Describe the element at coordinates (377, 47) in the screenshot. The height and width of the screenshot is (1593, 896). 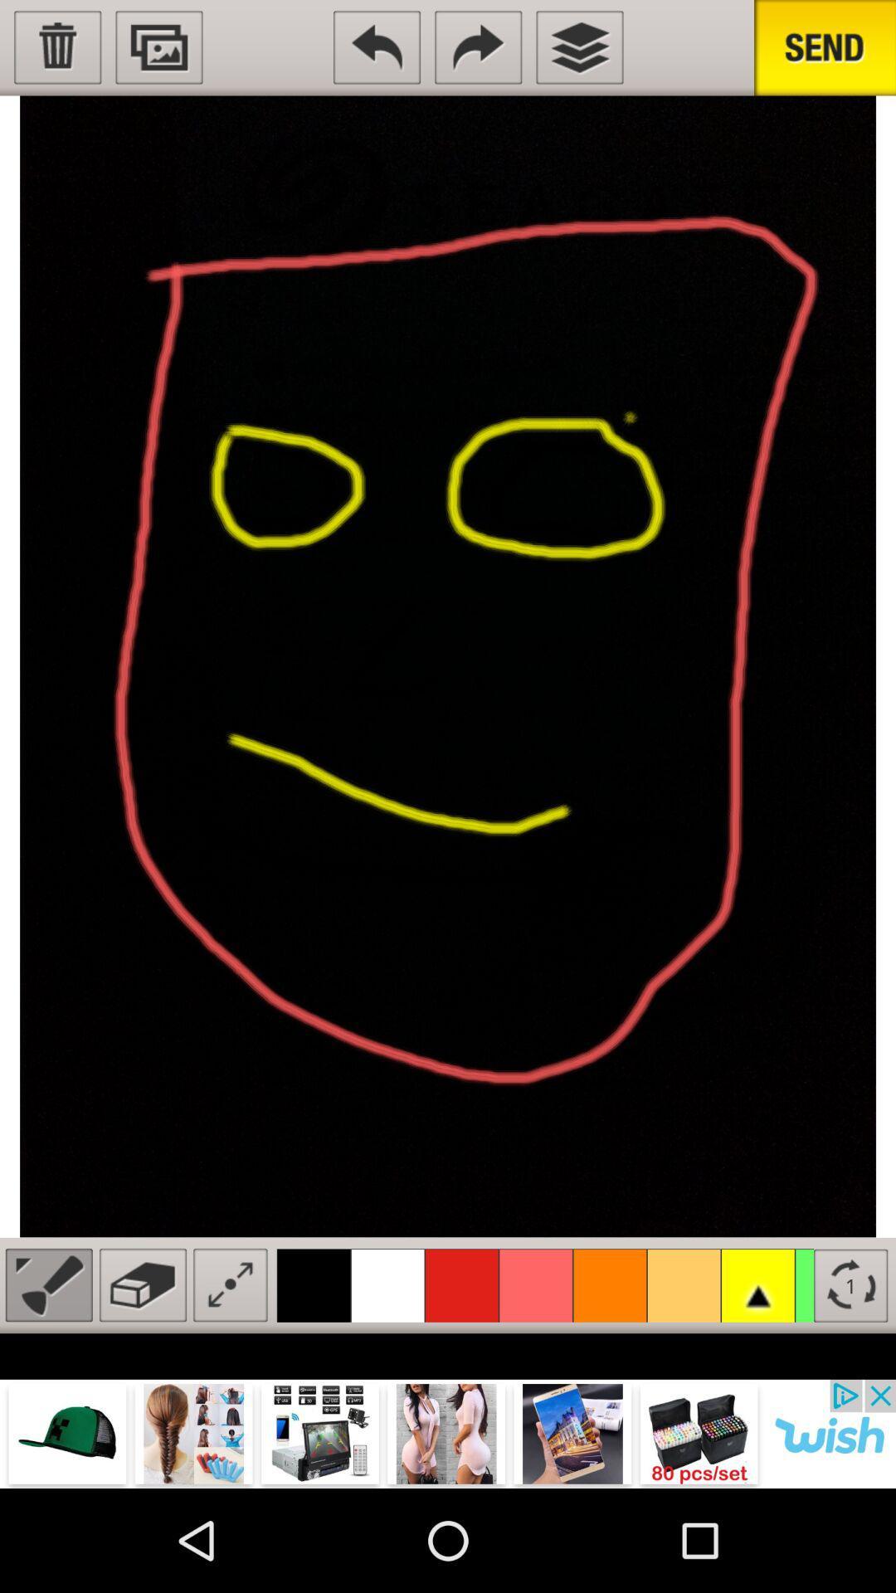
I see `go back` at that location.